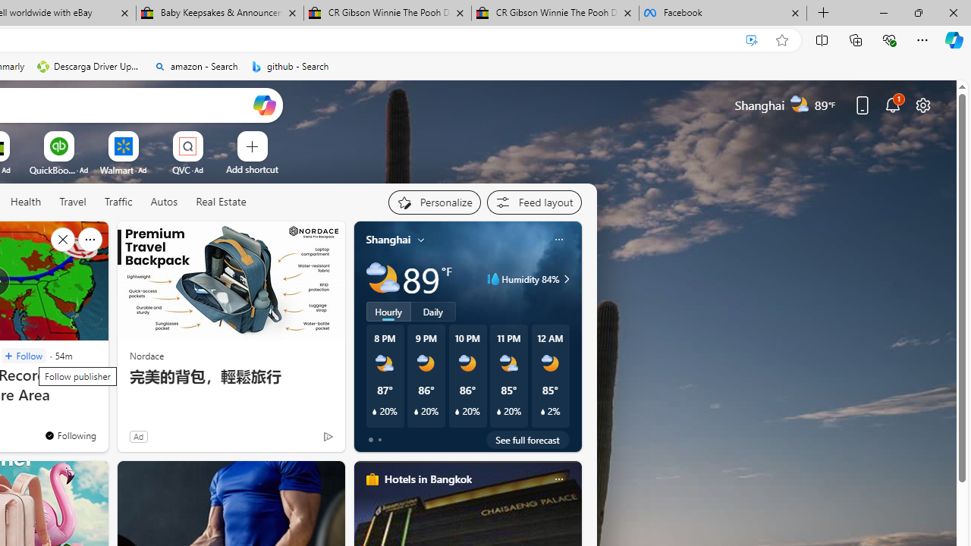  I want to click on 'Shanghai', so click(388, 239).